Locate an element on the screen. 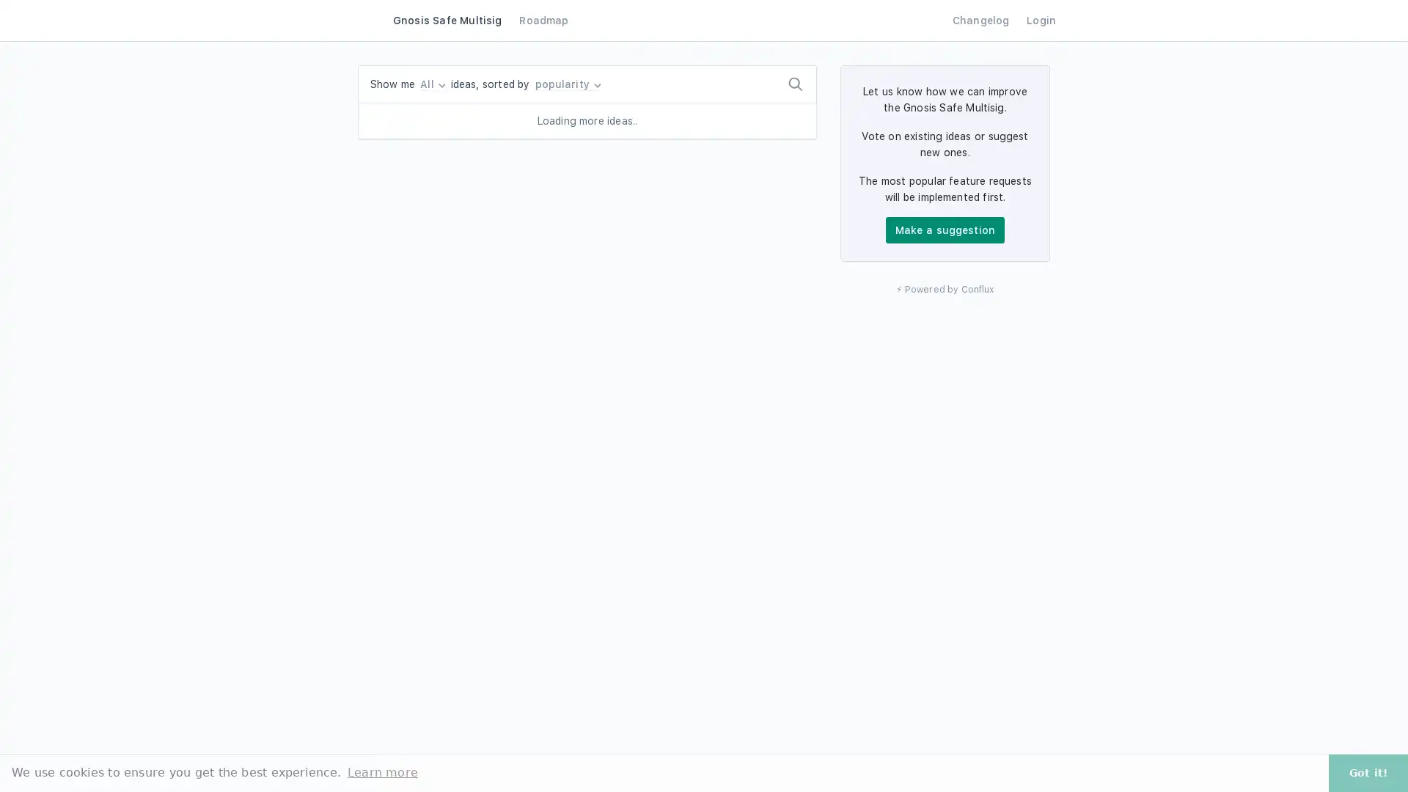 Image resolution: width=1408 pixels, height=792 pixels. All is located at coordinates (432, 84).